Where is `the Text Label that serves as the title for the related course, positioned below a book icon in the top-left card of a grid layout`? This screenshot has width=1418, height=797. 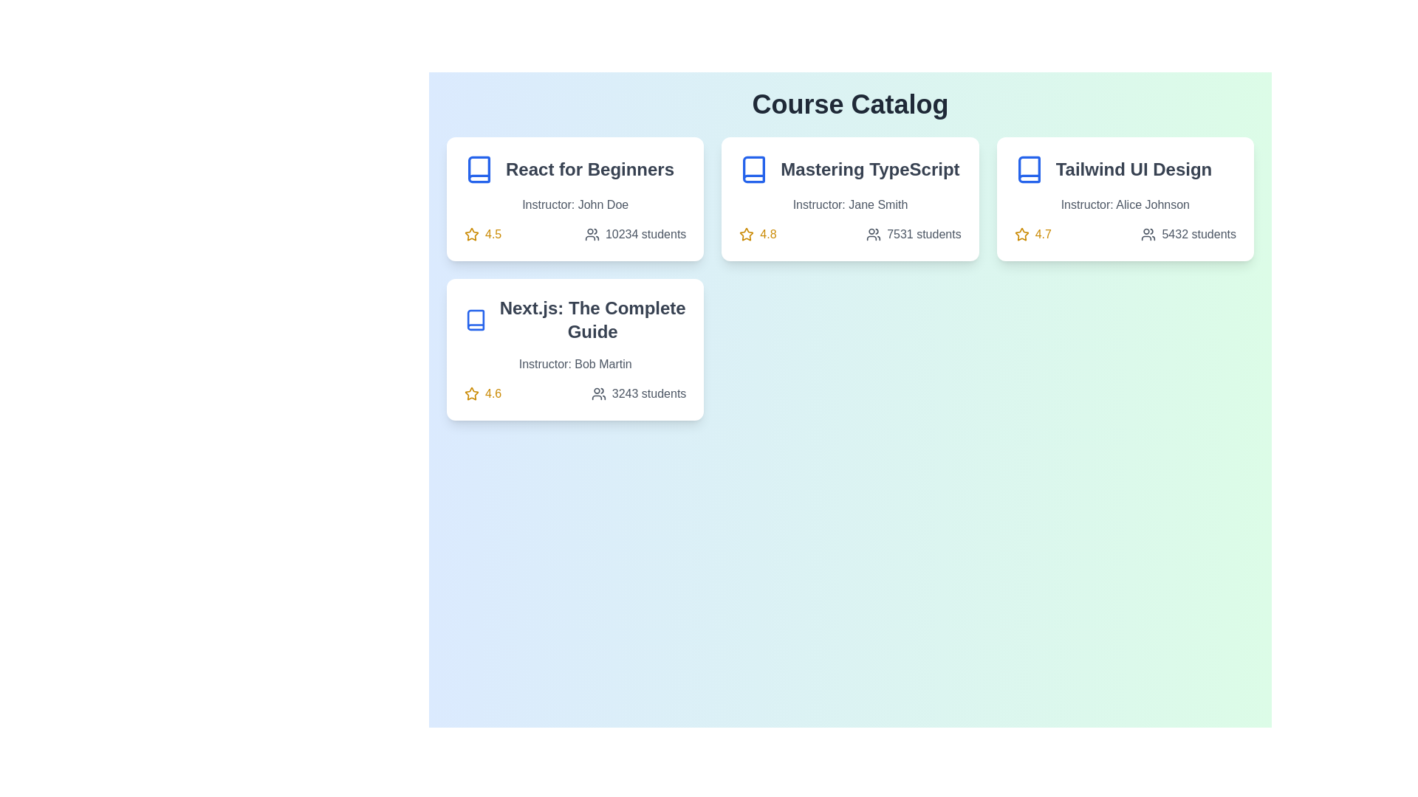 the Text Label that serves as the title for the related course, positioned below a book icon in the top-left card of a grid layout is located at coordinates (589, 169).